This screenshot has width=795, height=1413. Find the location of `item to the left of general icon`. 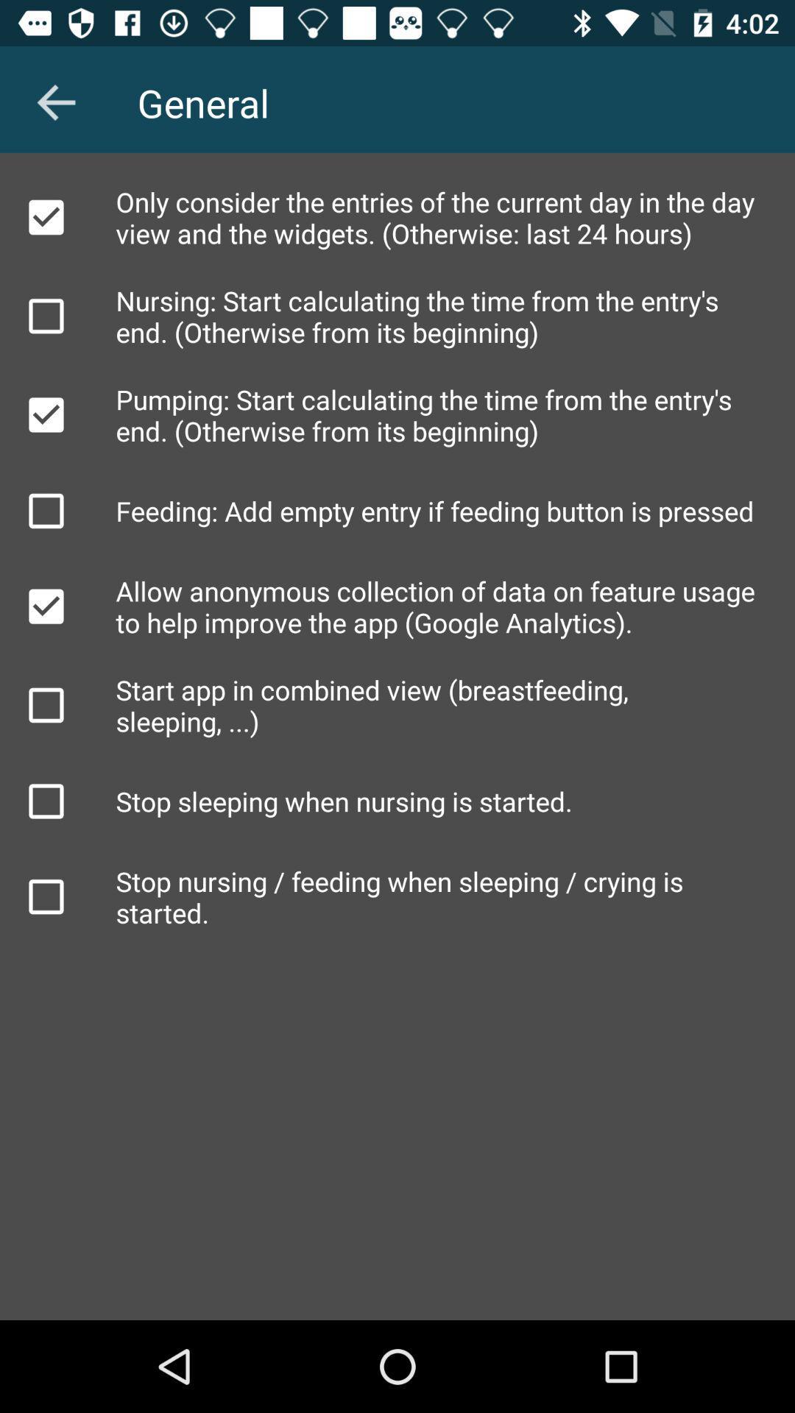

item to the left of general icon is located at coordinates (55, 102).